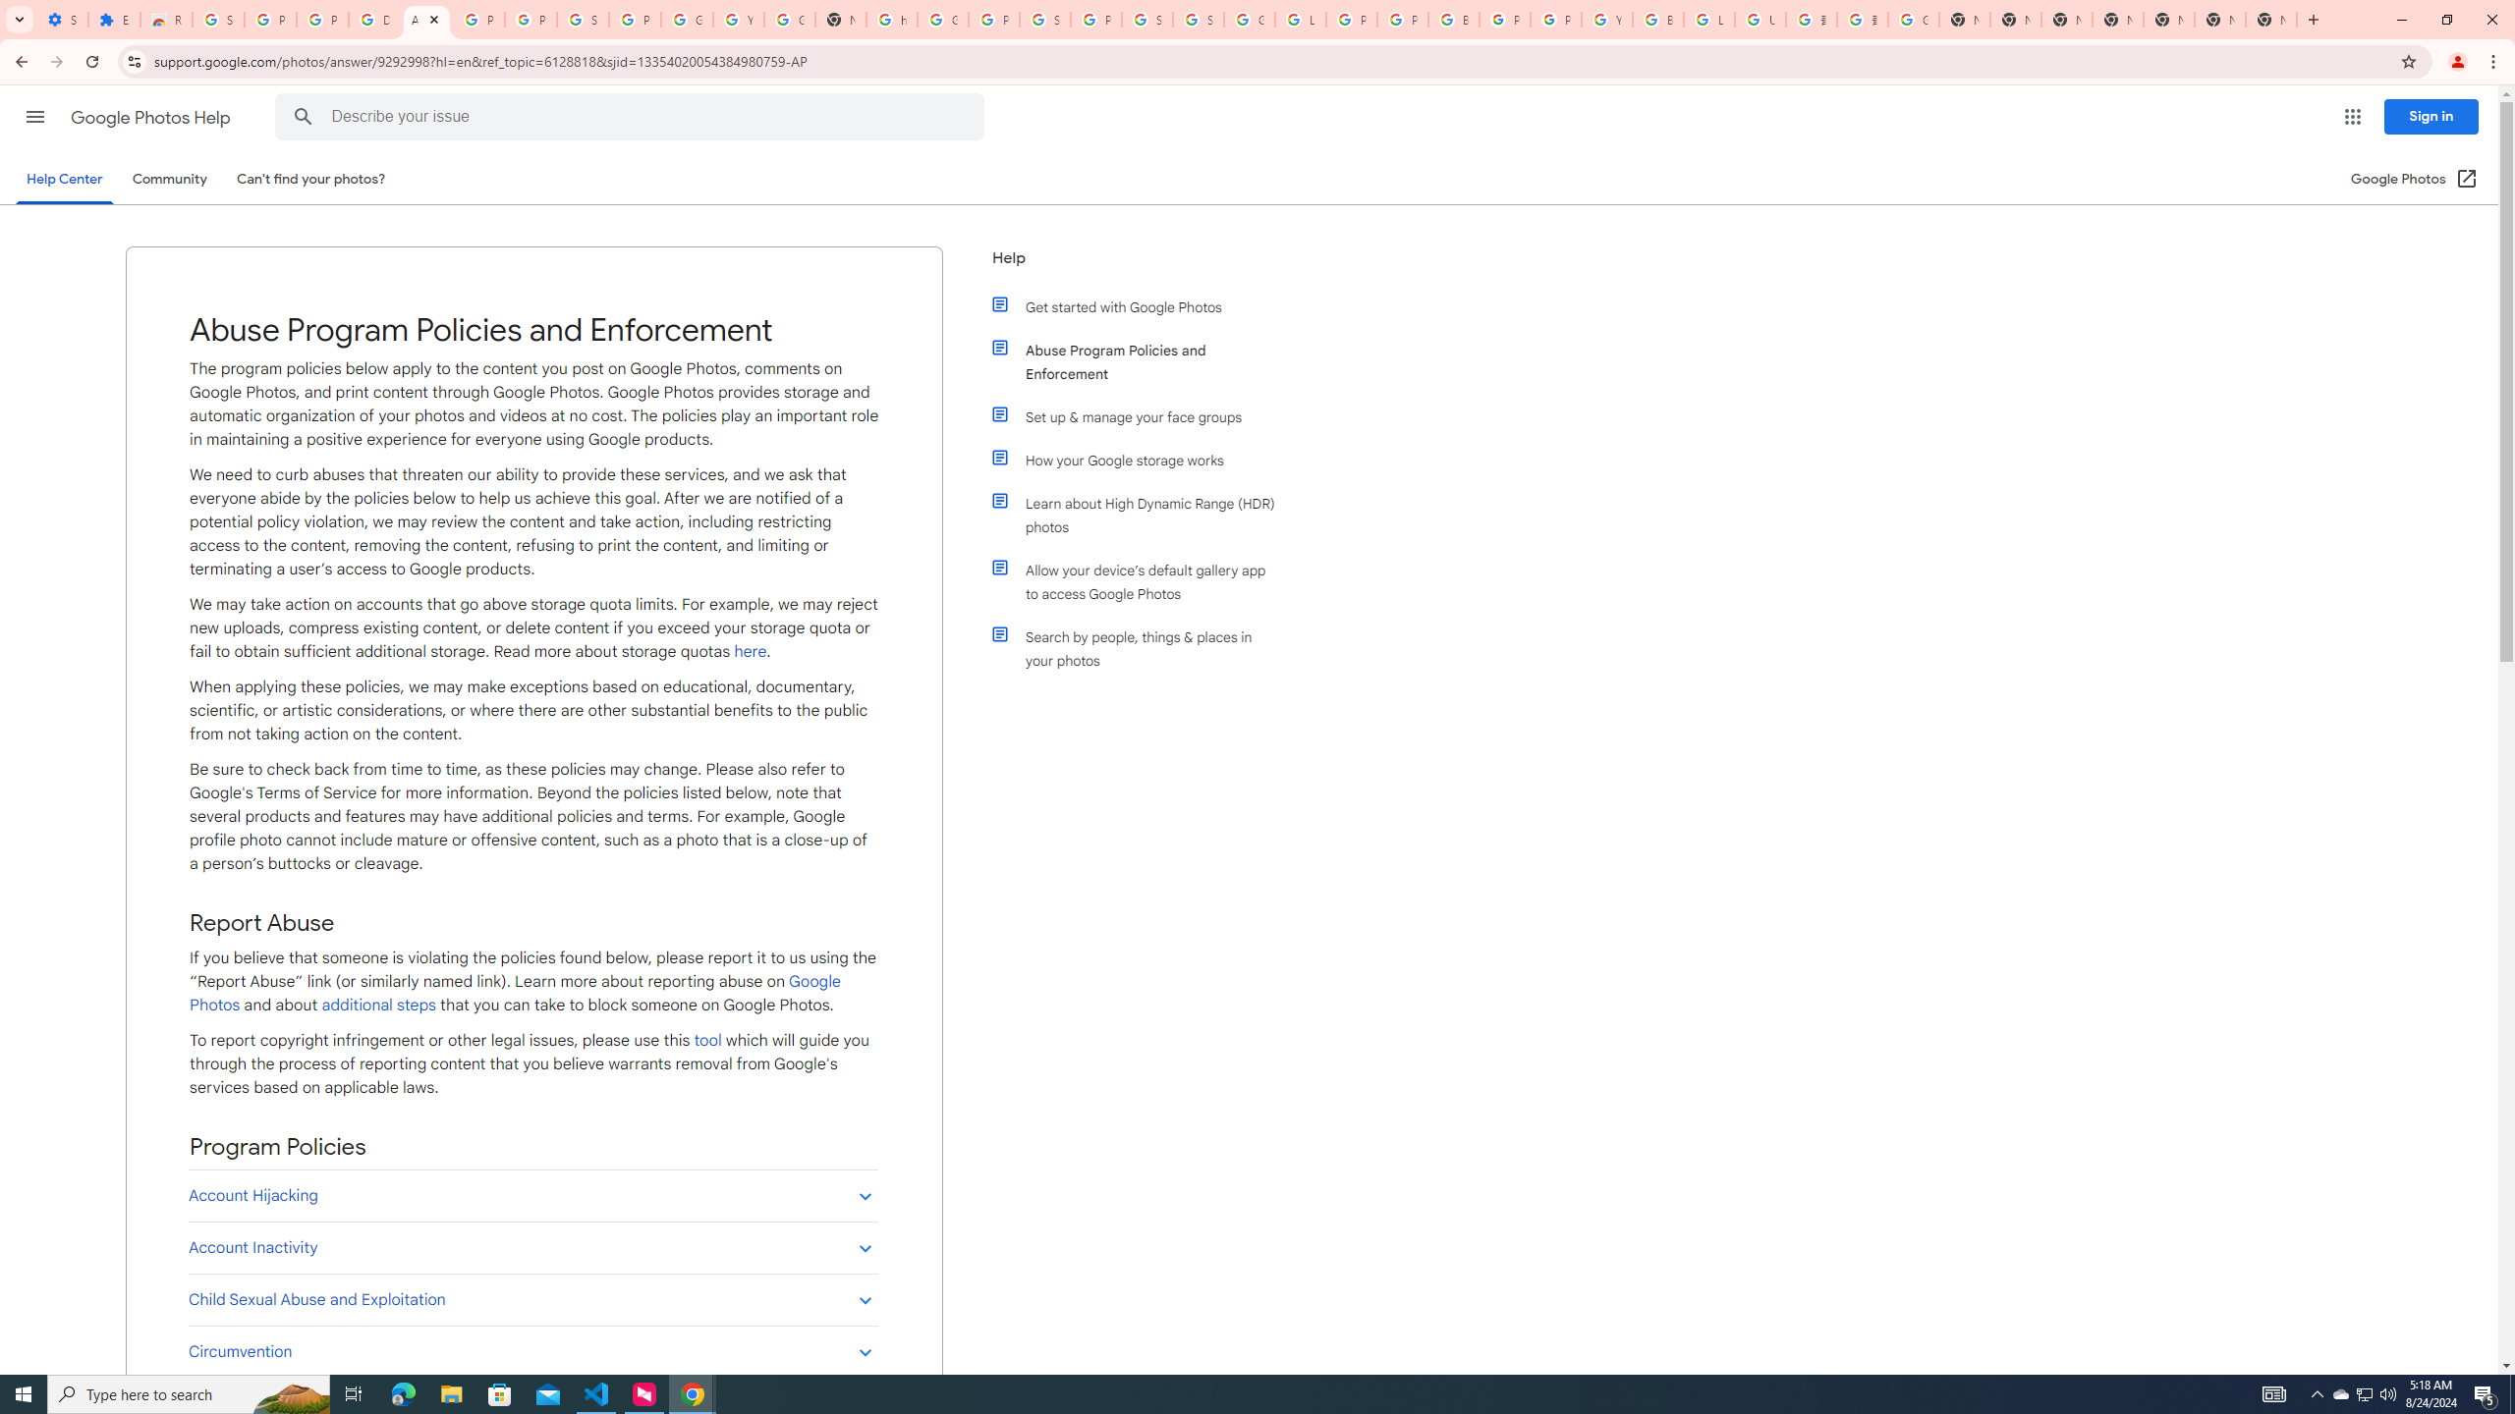 This screenshot has width=2515, height=1414. I want to click on 'Google Photos', so click(513, 993).